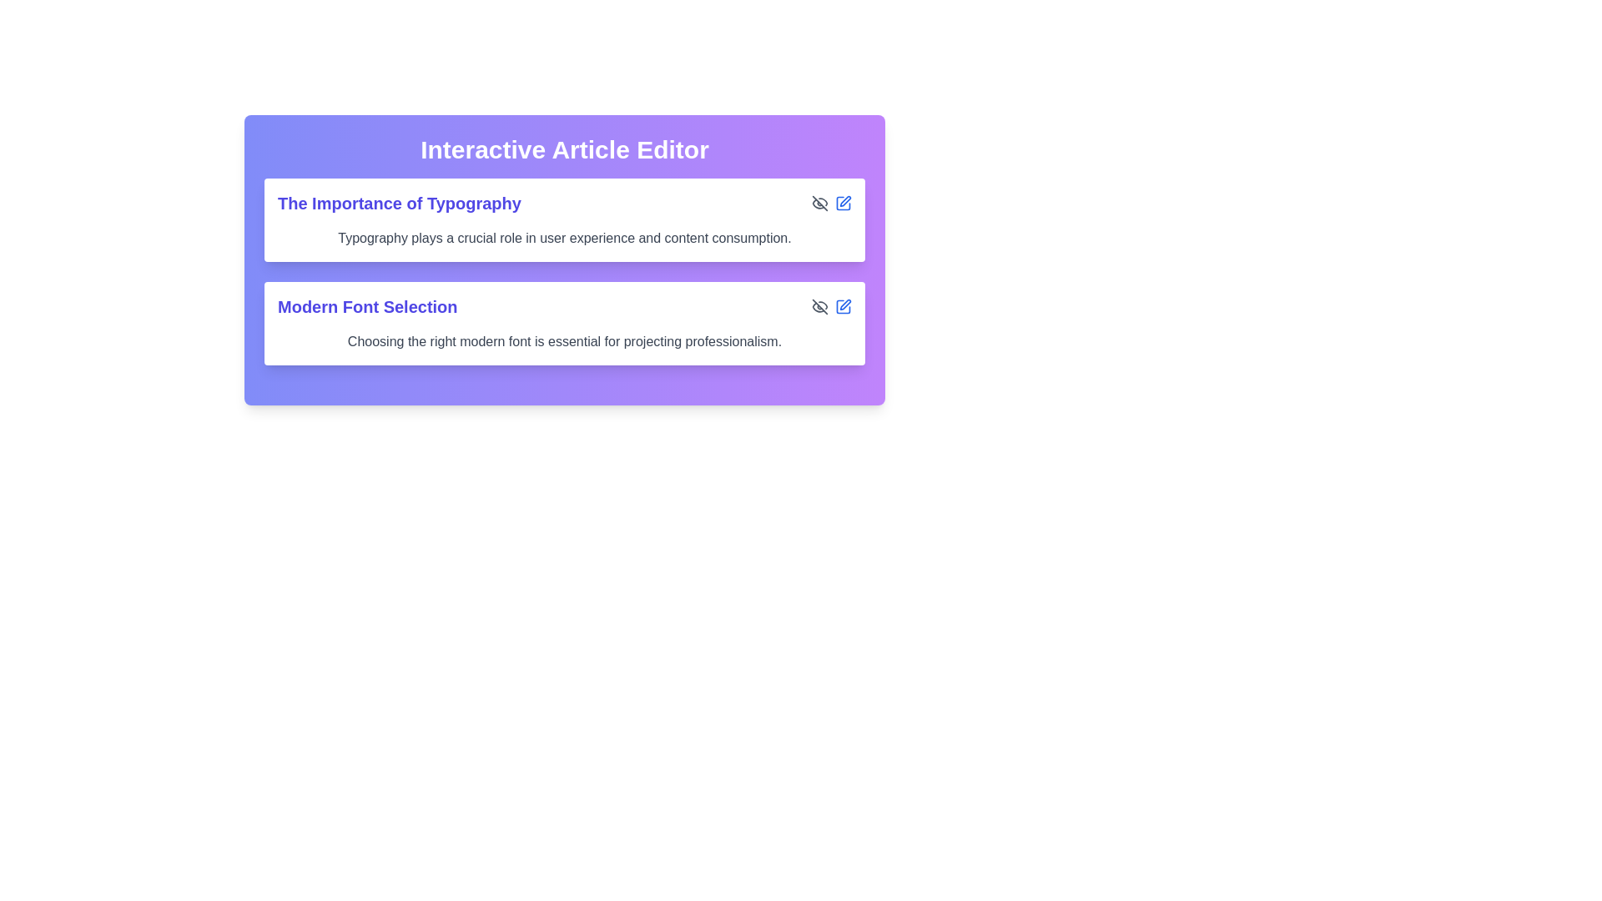 The width and height of the screenshot is (1602, 901). Describe the element at coordinates (564, 340) in the screenshot. I see `the text display that shows the content 'Choosing the right modern font is essential for projecting professionalism.' located at the lower part of the second interactive card` at that location.